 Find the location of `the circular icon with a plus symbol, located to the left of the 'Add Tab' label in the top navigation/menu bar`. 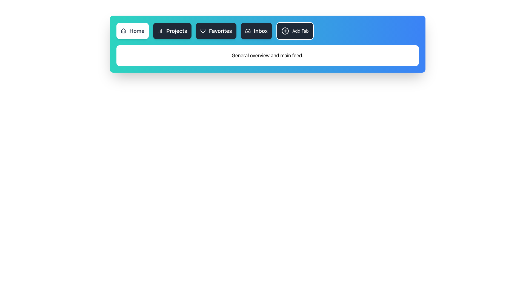

the circular icon with a plus symbol, located to the left of the 'Add Tab' label in the top navigation/menu bar is located at coordinates (285, 31).